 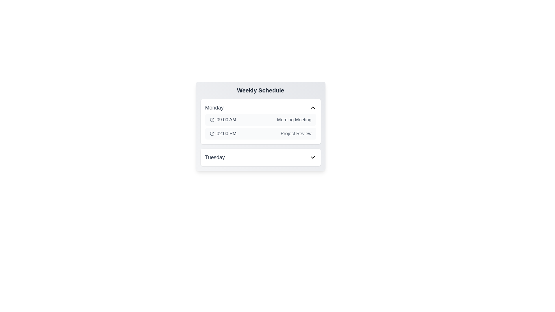 I want to click on the schedule entry for 'Project Review' at '02:00 PM' located in the second row under 'Monday.', so click(x=260, y=133).